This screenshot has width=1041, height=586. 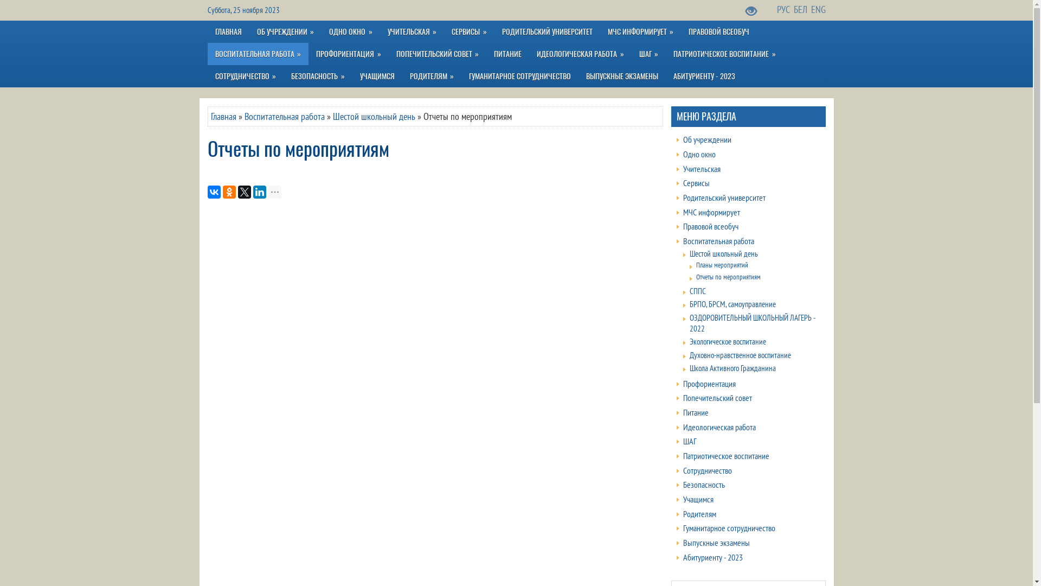 What do you see at coordinates (259, 192) in the screenshot?
I see `'LinkedIn'` at bounding box center [259, 192].